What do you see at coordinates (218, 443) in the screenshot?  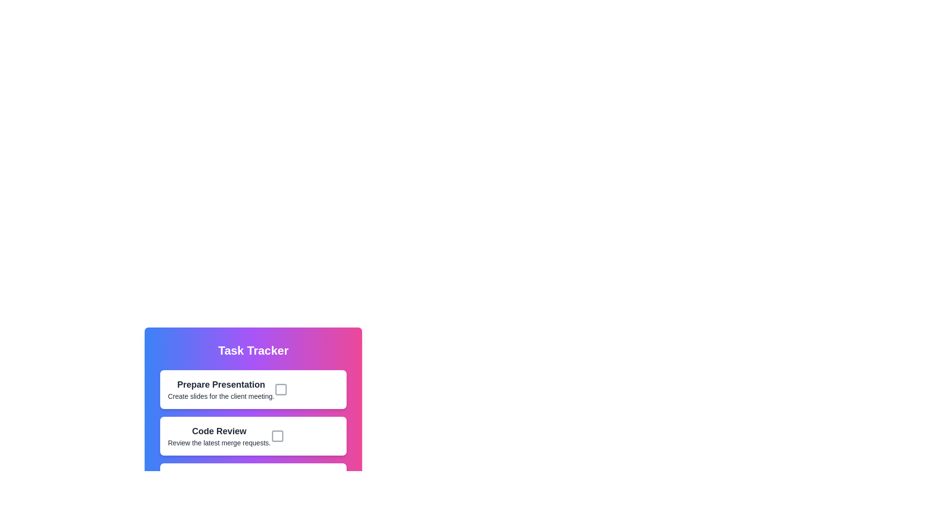 I see `the text label providing context for the 'Code Review' task, located beneath the 'Code Review' heading in the second task card of the 'Task Tracker' module` at bounding box center [218, 443].